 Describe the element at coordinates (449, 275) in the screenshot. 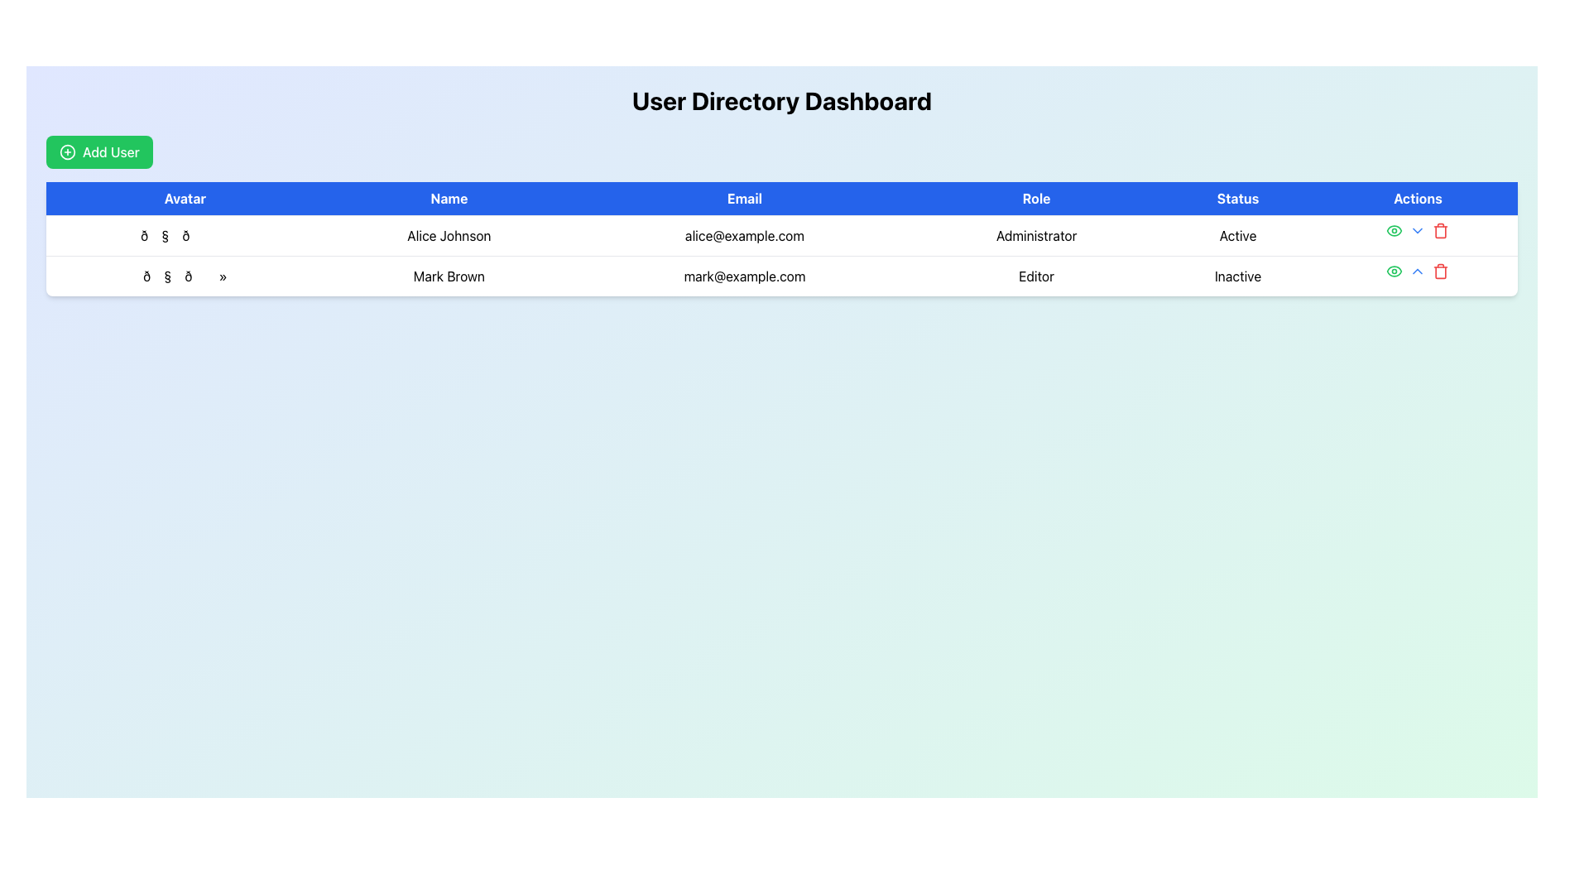

I see `the Text Display element that shows the name 'Mark Brown' in the second row of the table under the 'Name' column` at that location.